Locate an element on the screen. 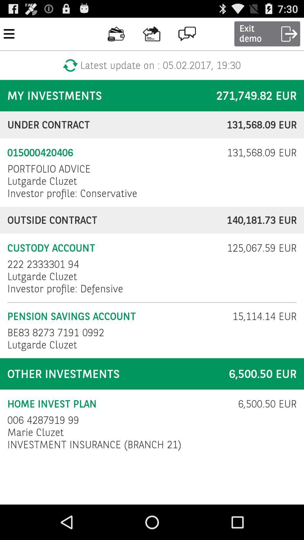  the checkbox to the left of 6 500 50 item is located at coordinates (119, 404).